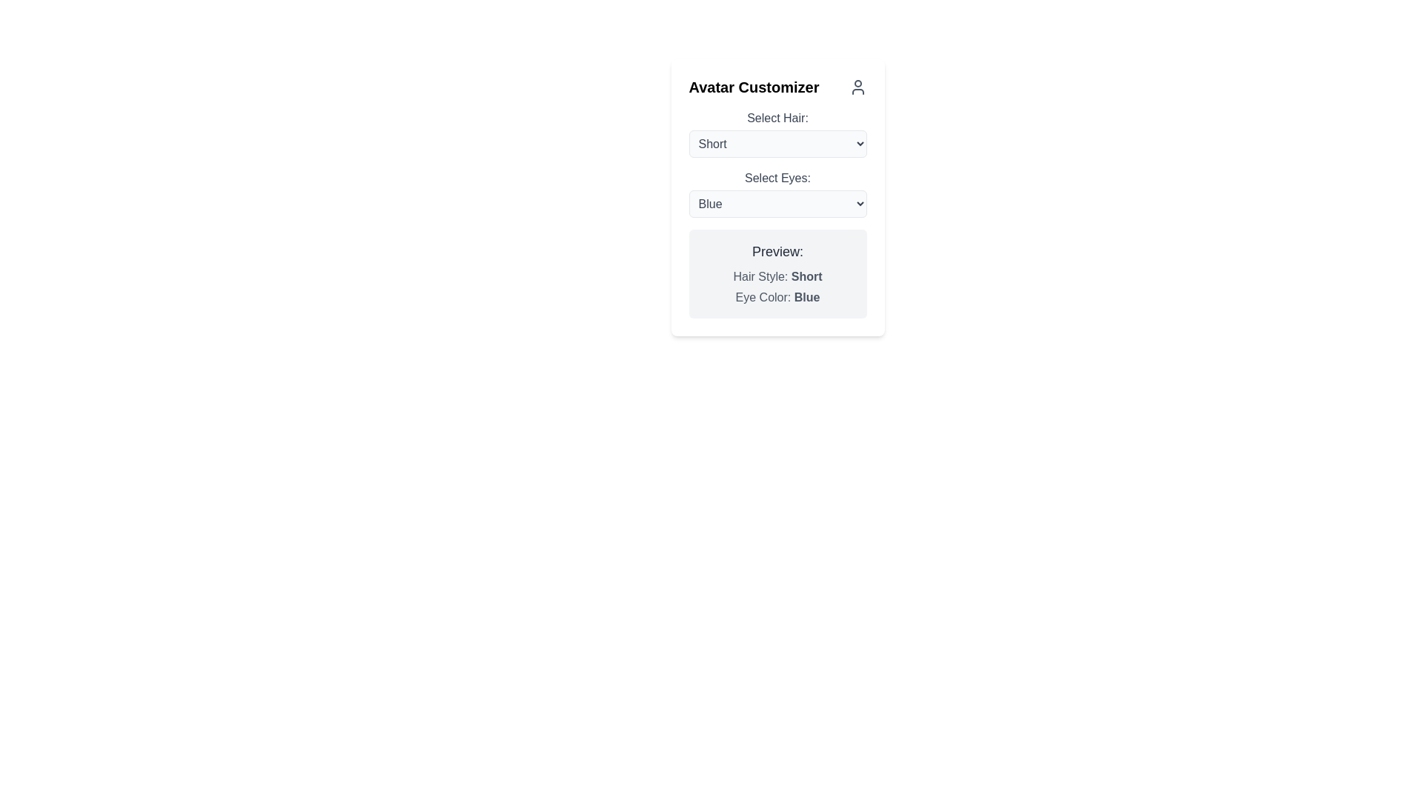 This screenshot has height=800, width=1423. I want to click on the text label indicating the purpose of the dropdown menu for selecting eye color, which is located above the dropdown displaying 'Blue', so click(777, 177).